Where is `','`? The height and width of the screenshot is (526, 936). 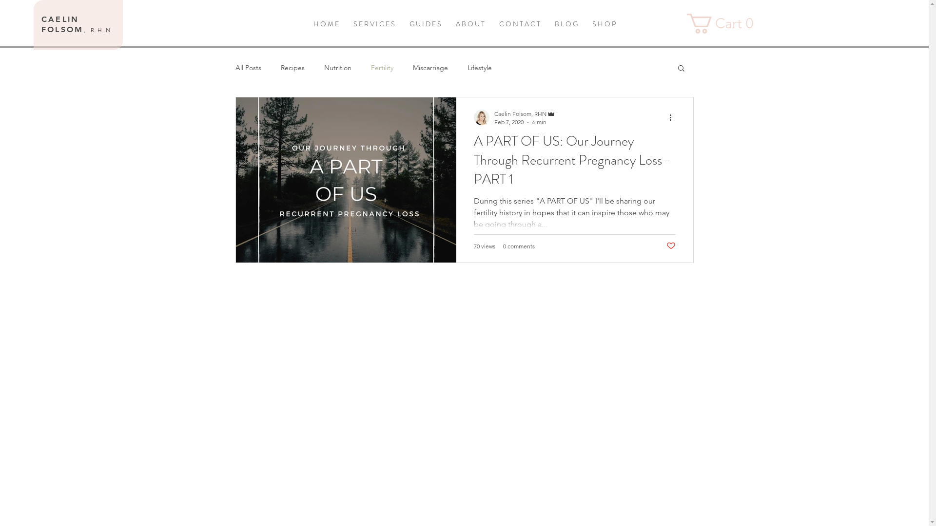 ',' is located at coordinates (86, 29).